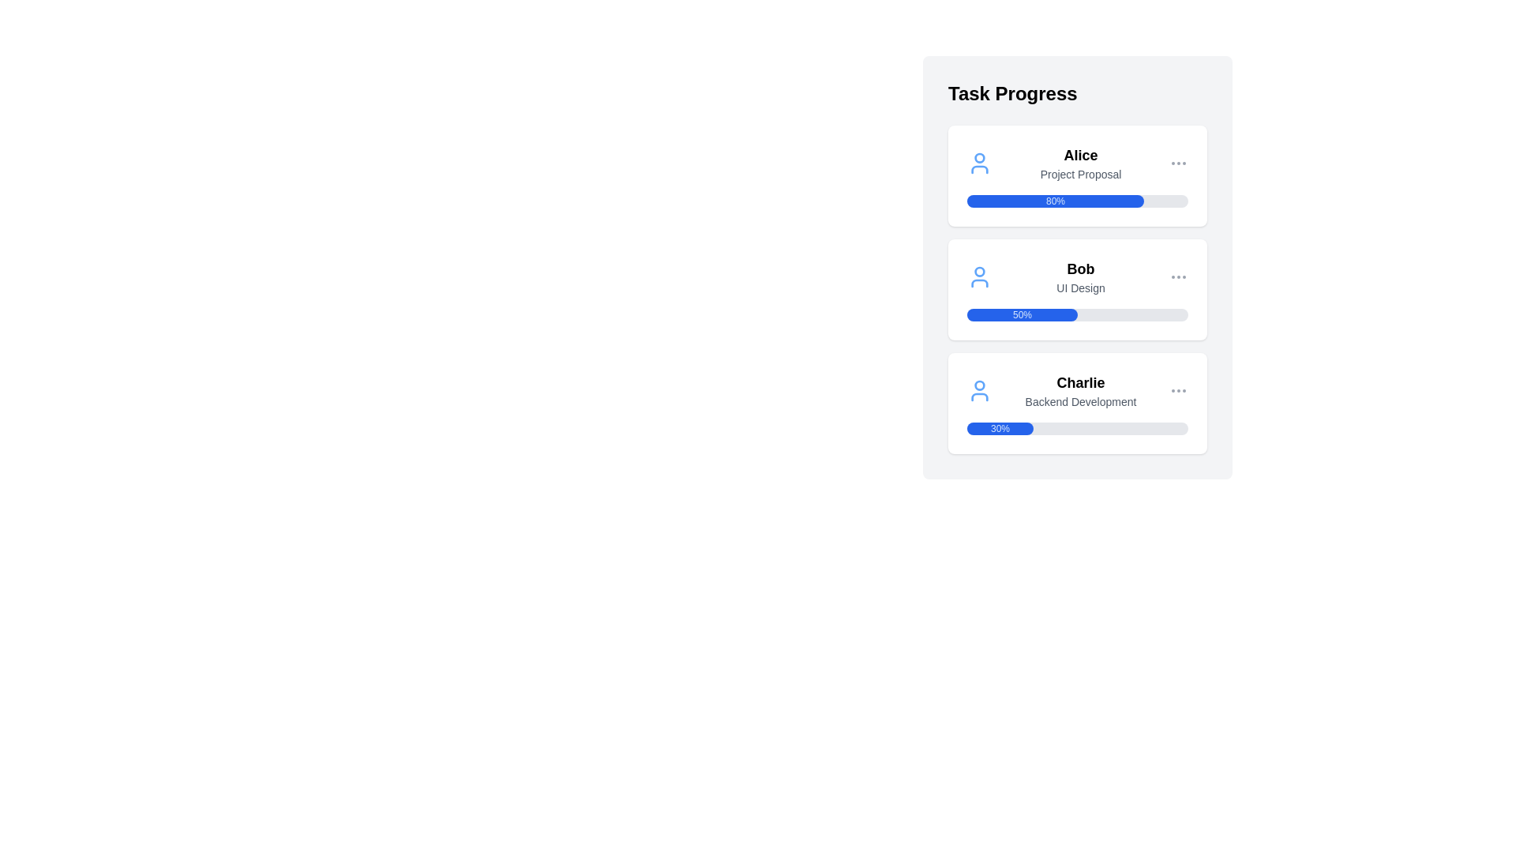 The image size is (1516, 853). What do you see at coordinates (979, 270) in the screenshot?
I see `the SVG circle graphic representing the user icon next to the name 'Bob' in the task list` at bounding box center [979, 270].